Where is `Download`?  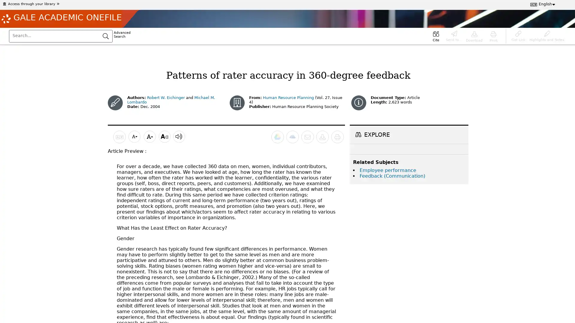 Download is located at coordinates (322, 137).